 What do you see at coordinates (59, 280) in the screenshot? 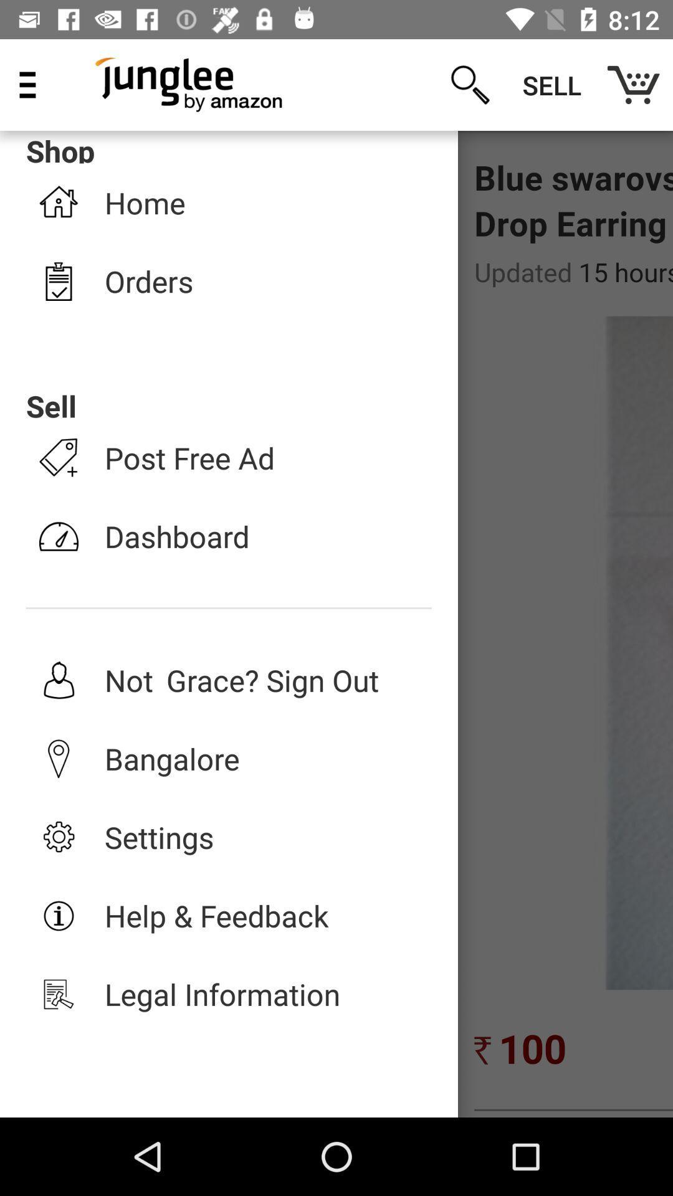
I see `the 2nd icon from the shop list` at bounding box center [59, 280].